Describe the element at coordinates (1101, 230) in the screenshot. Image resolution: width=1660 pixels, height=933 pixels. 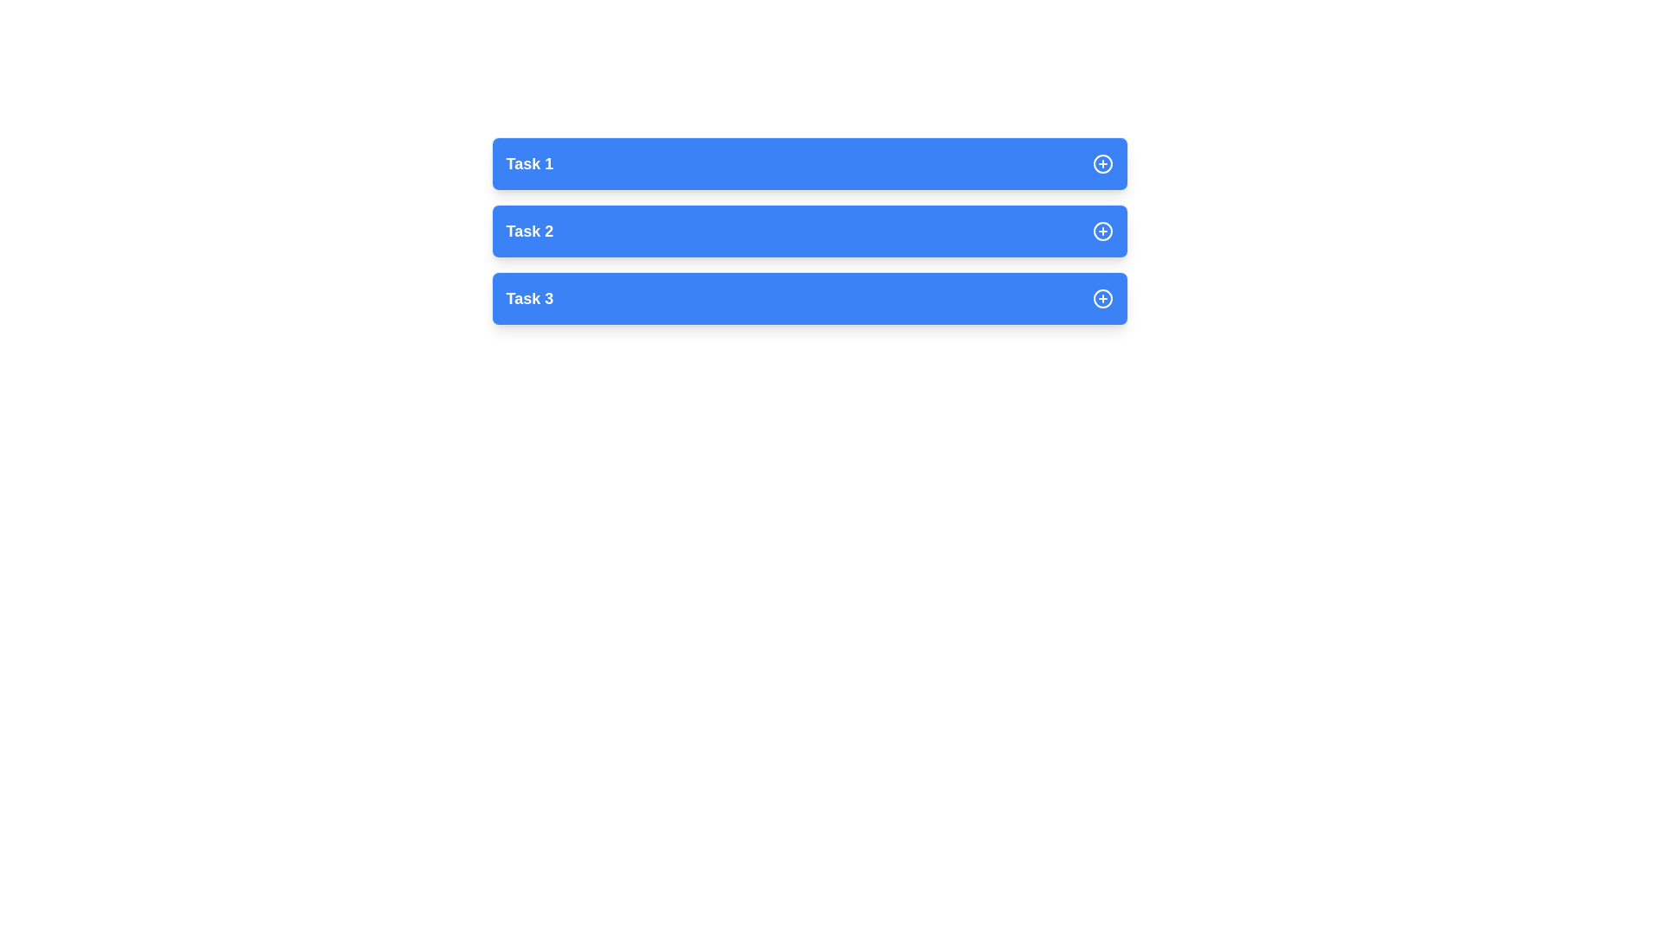
I see `the button positioned on the far right side of the 'Task 2' bar` at that location.